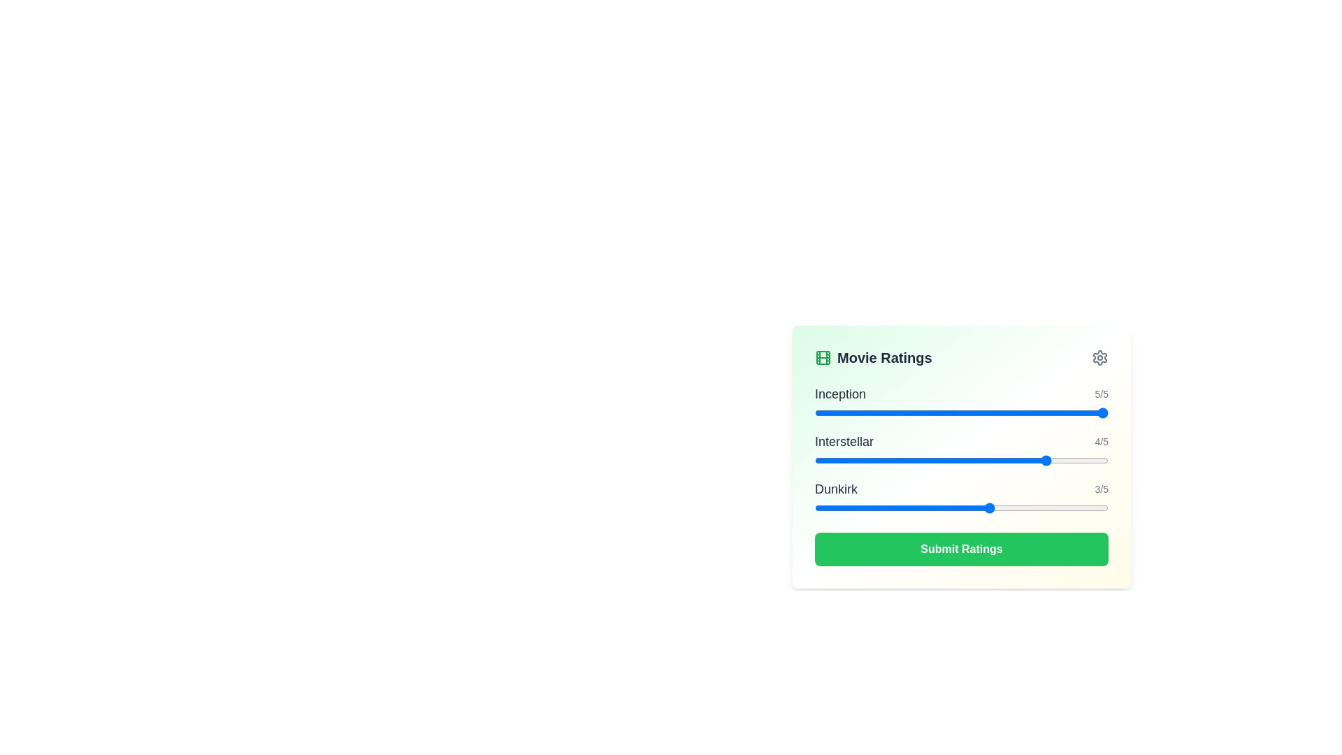  I want to click on the rating for 'Inception', so click(815, 412).